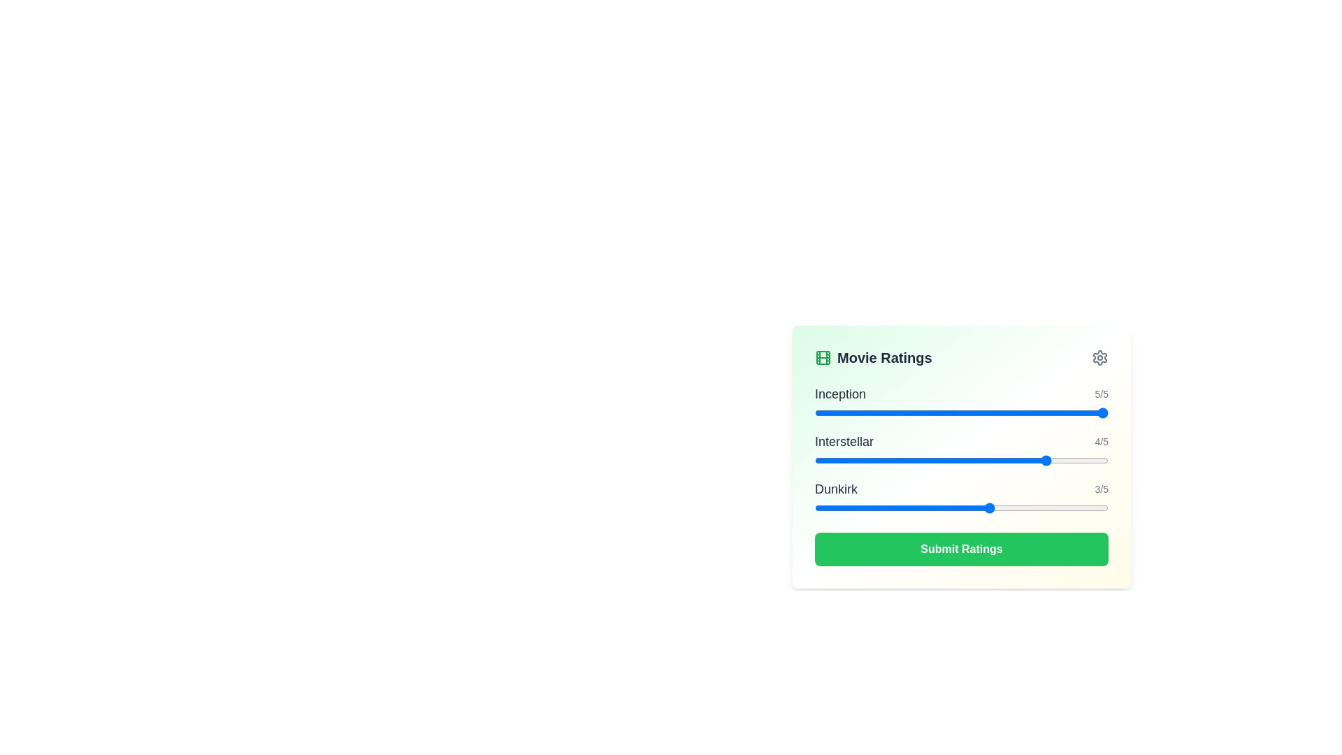  I want to click on the rating for 'Inception', so click(815, 412).